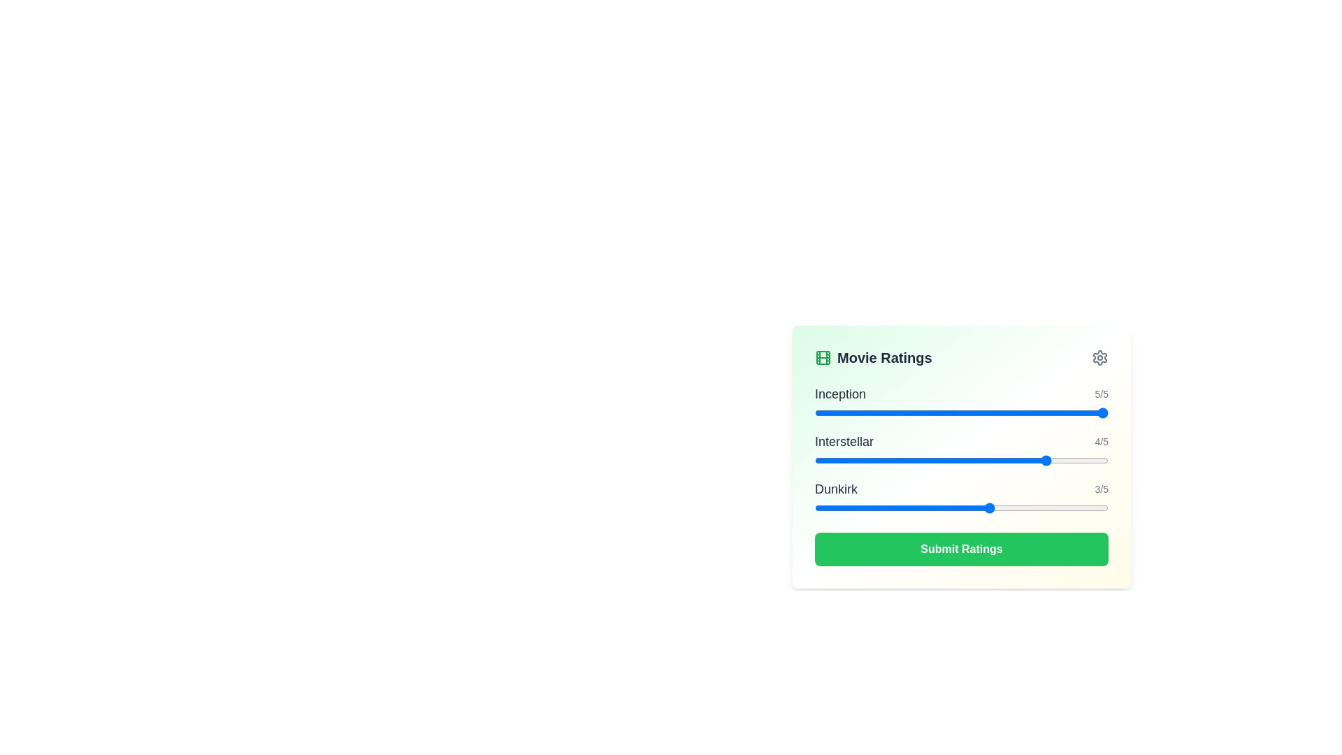  I want to click on the rating for 'Inception', so click(815, 412).